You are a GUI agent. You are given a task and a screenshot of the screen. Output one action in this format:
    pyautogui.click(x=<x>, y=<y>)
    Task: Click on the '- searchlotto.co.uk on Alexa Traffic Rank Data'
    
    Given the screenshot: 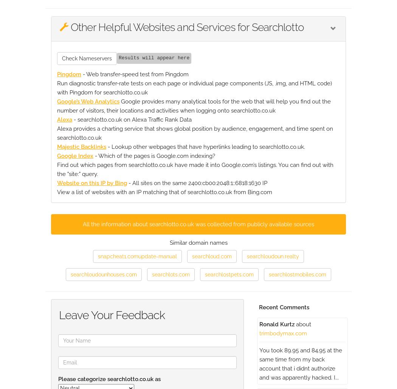 What is the action you would take?
    pyautogui.click(x=132, y=119)
    